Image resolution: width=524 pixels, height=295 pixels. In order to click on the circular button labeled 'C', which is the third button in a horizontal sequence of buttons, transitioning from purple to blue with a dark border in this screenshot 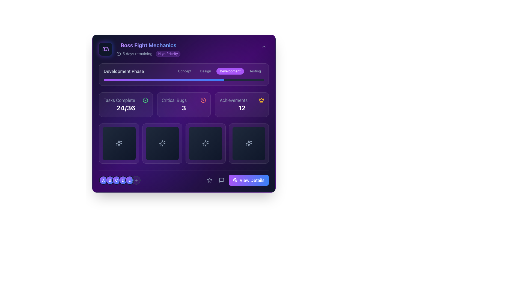, I will do `click(116, 180)`.